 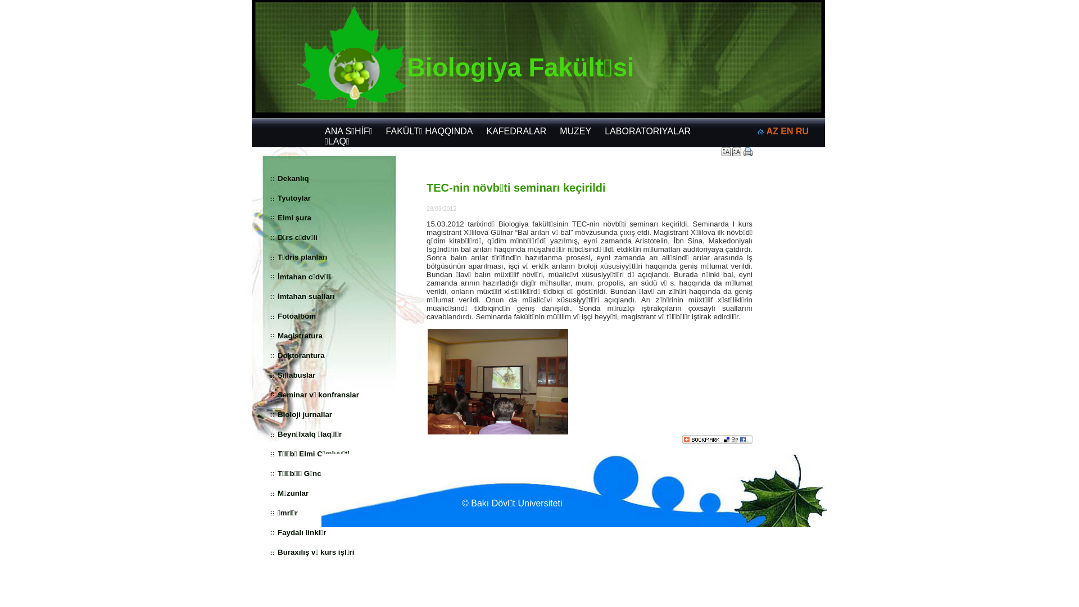 I want to click on 'Magistratura', so click(x=300, y=335).